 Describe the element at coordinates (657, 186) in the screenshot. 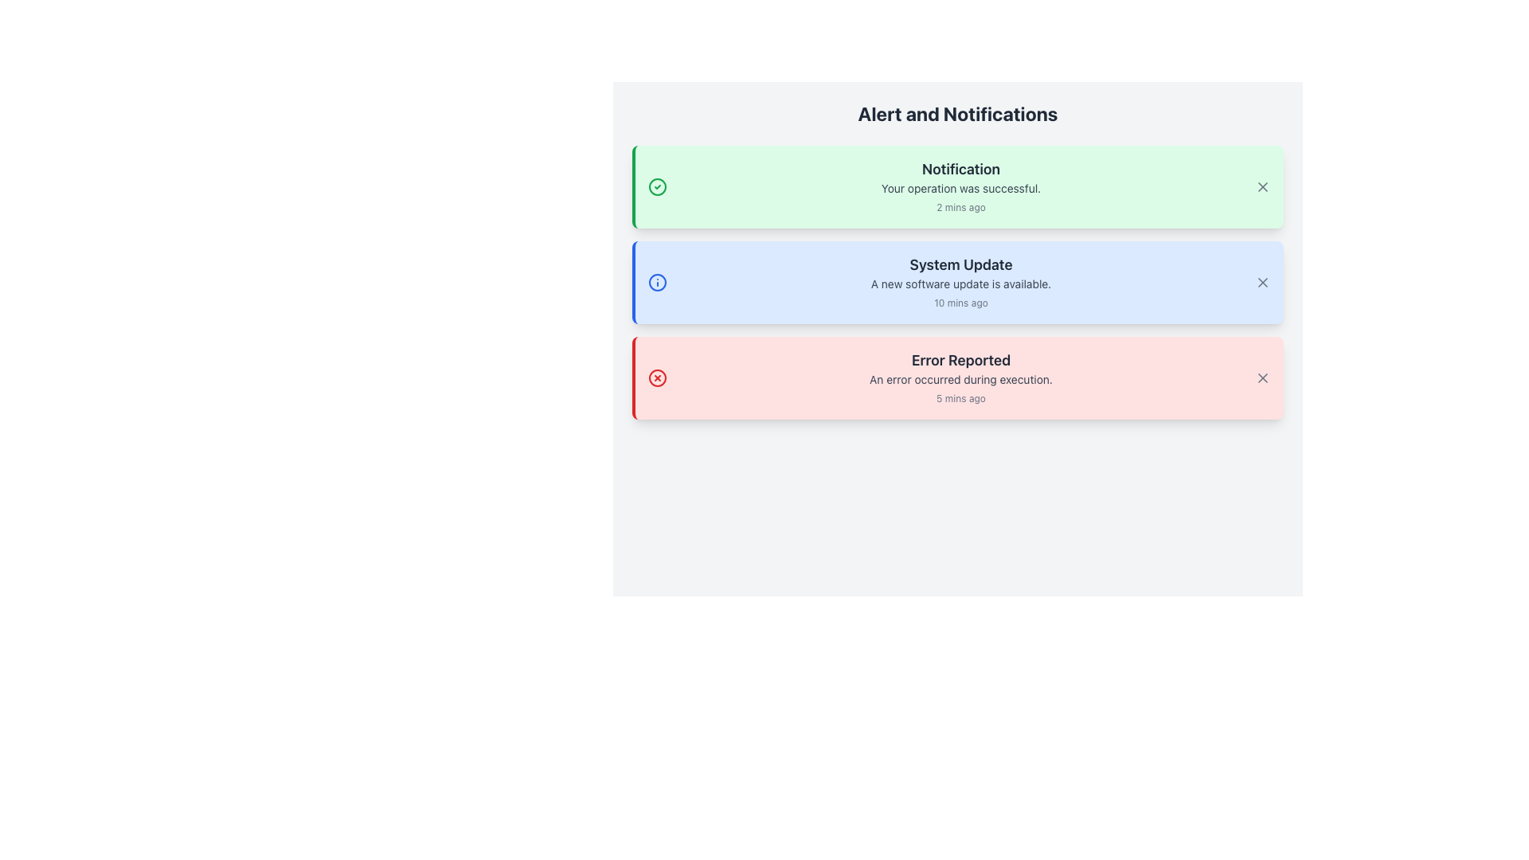

I see `the success status indicator icon located within the green notification card, positioned to the left of the title 'Notification'` at that location.